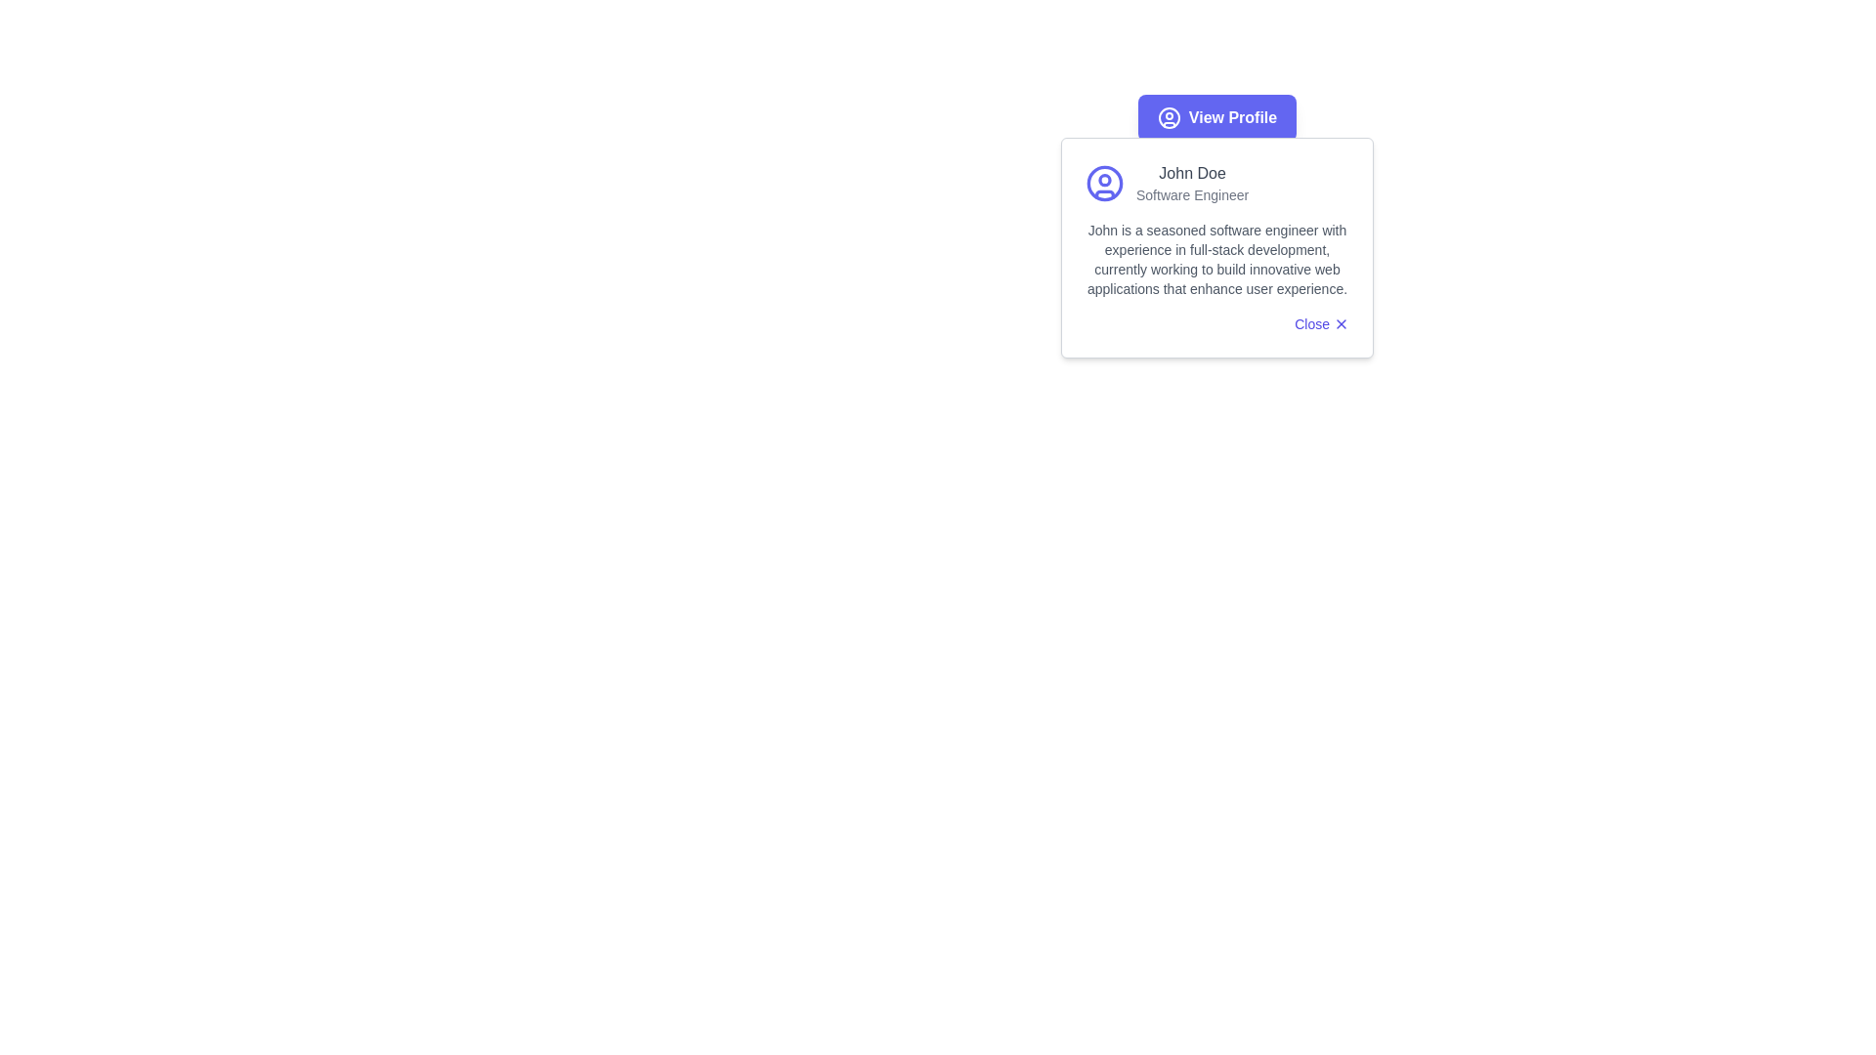  I want to click on the circular user icon with an indigo hue located at the top-left corner of the profile card, so click(1105, 184).